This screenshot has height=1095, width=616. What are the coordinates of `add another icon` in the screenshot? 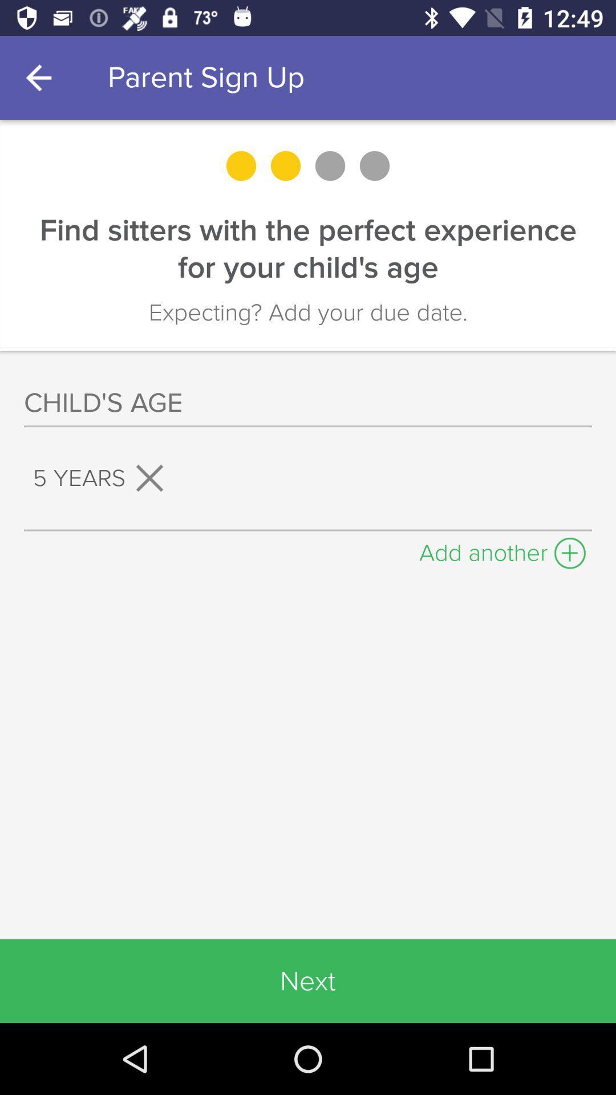 It's located at (502, 550).